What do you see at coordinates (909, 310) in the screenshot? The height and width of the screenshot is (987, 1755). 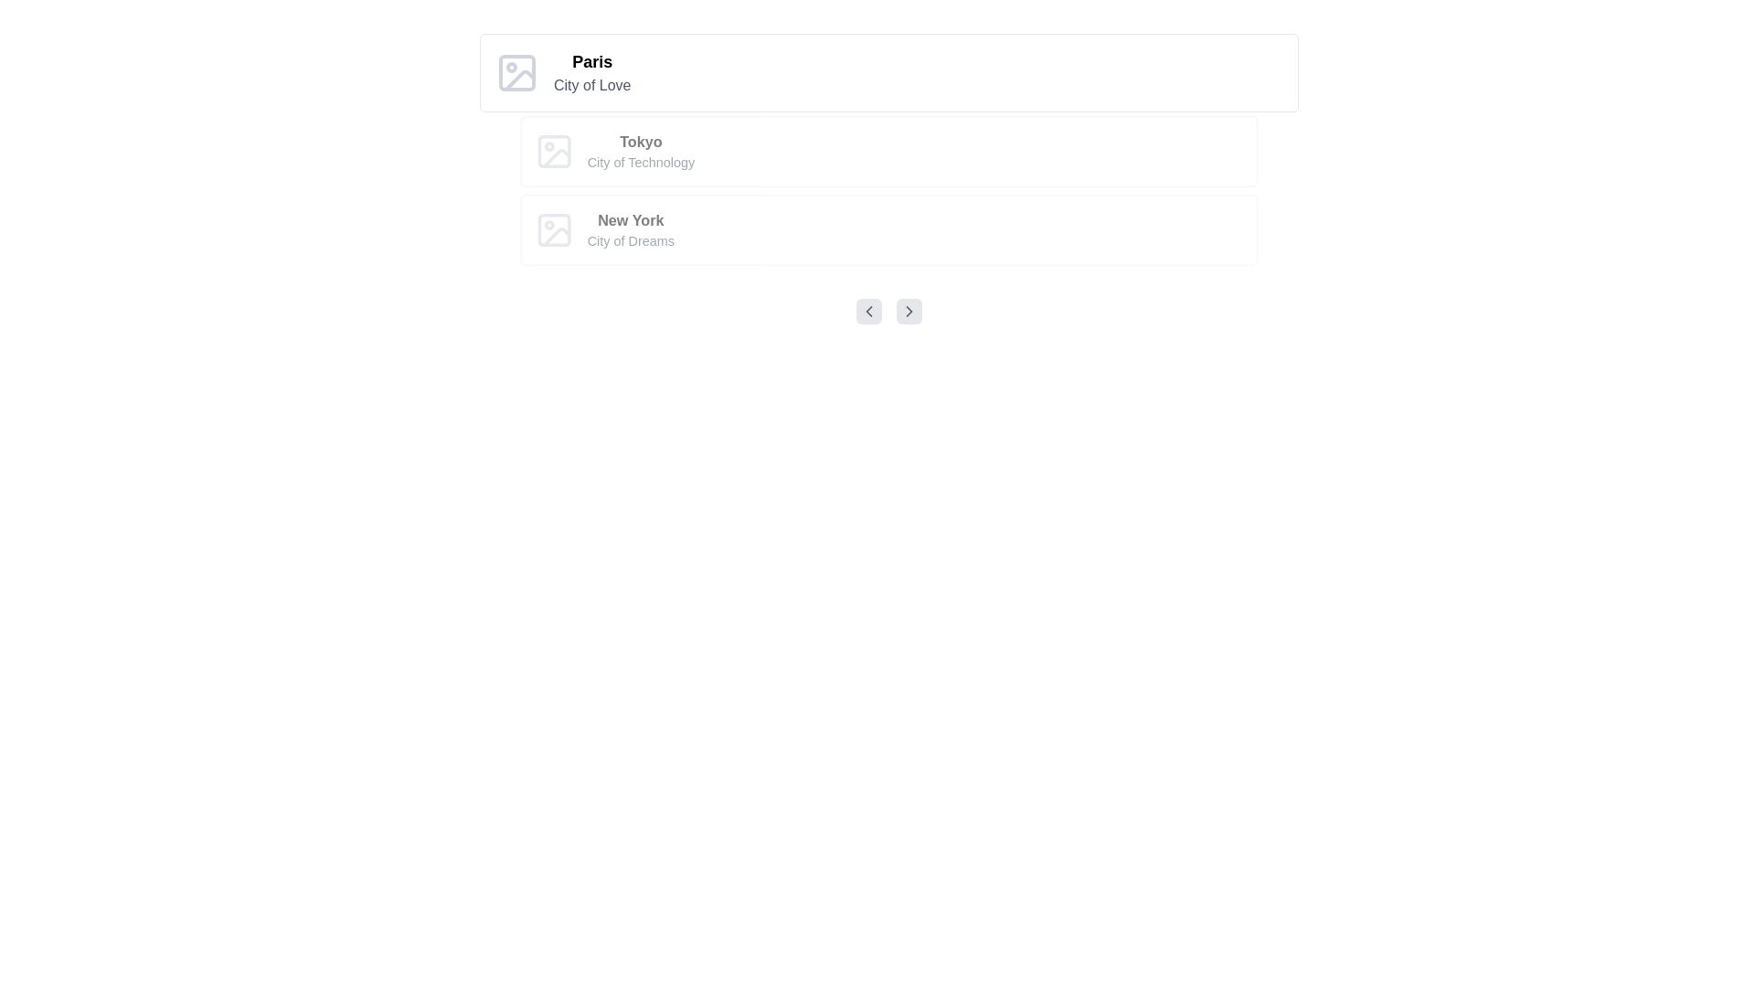 I see `the rightward-pointing chevron icon within the circular button with a light gray background` at bounding box center [909, 310].